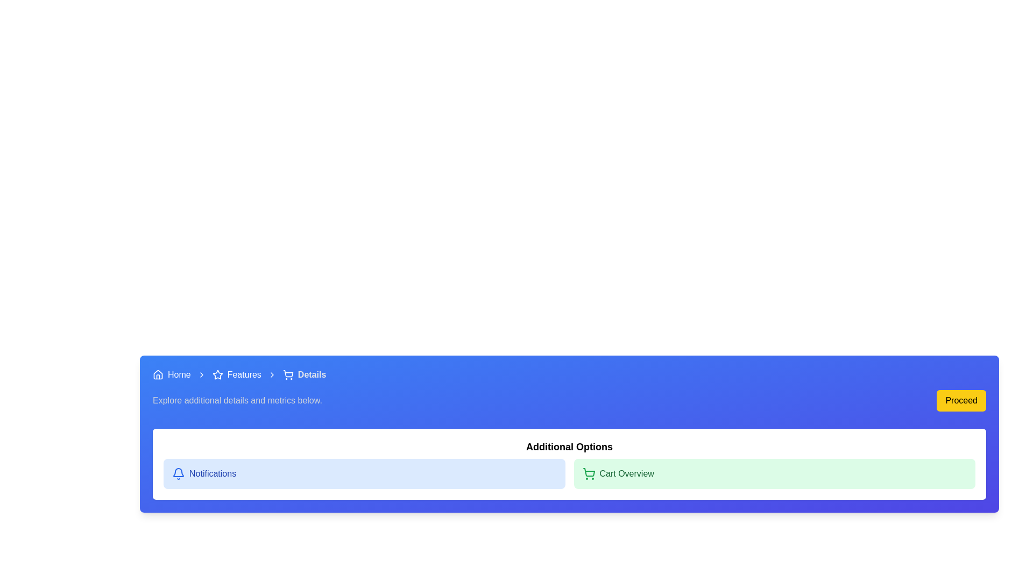  What do you see at coordinates (312, 374) in the screenshot?
I see `the 'Details' text label, which is styled with a gray font on a blue background and located on the navigation bar towards the right, following the shopping-cart icon` at bounding box center [312, 374].